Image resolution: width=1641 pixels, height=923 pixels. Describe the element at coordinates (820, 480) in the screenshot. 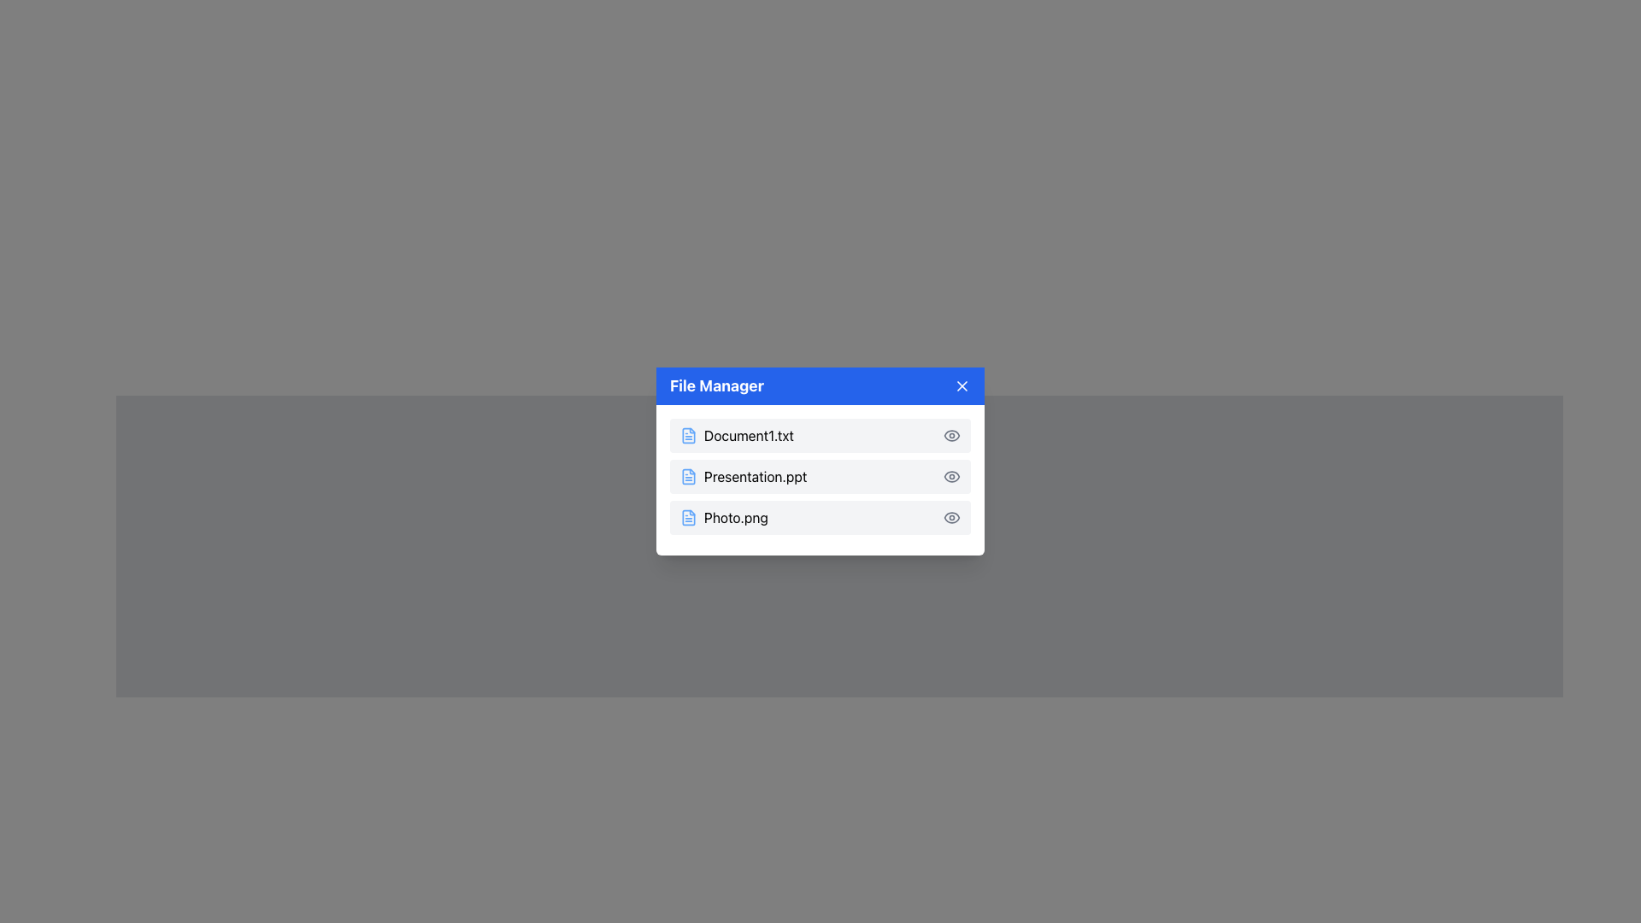

I see `the 'Presentation.ppt' file list item in the file manager` at that location.